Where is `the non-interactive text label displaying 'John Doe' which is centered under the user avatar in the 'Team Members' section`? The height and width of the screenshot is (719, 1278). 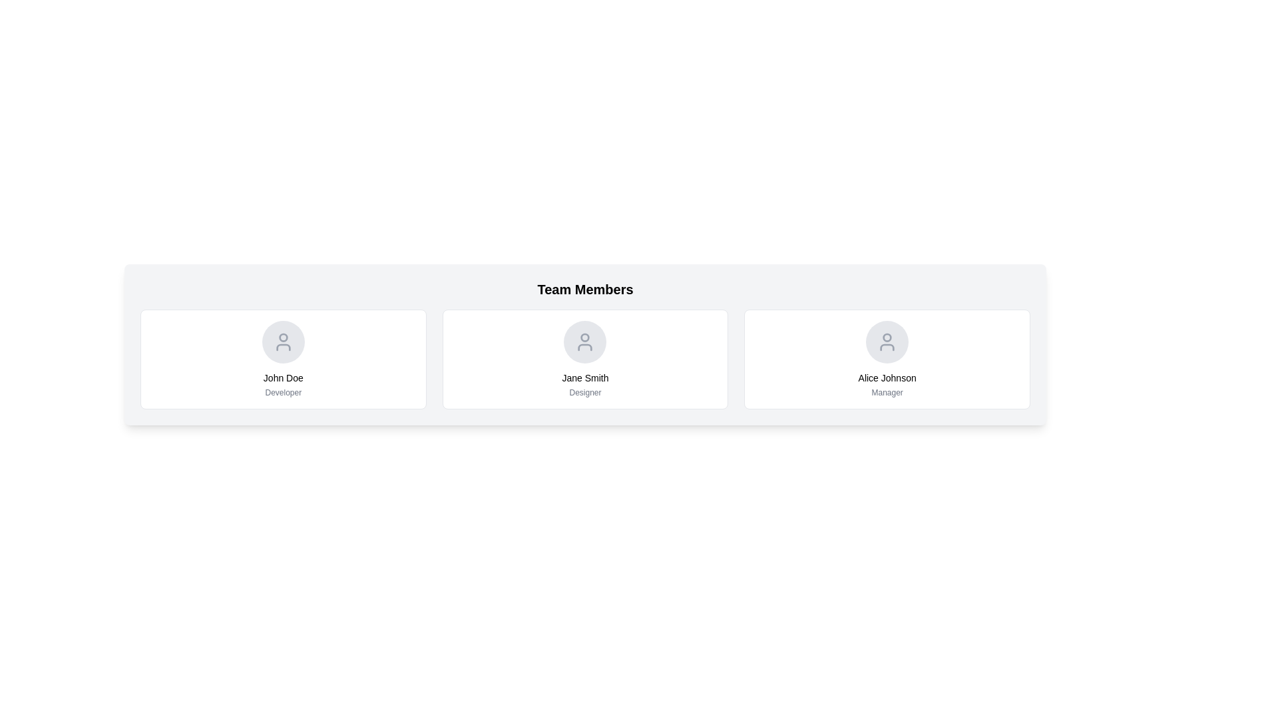
the non-interactive text label displaying 'John Doe' which is centered under the user avatar in the 'Team Members' section is located at coordinates (282, 377).